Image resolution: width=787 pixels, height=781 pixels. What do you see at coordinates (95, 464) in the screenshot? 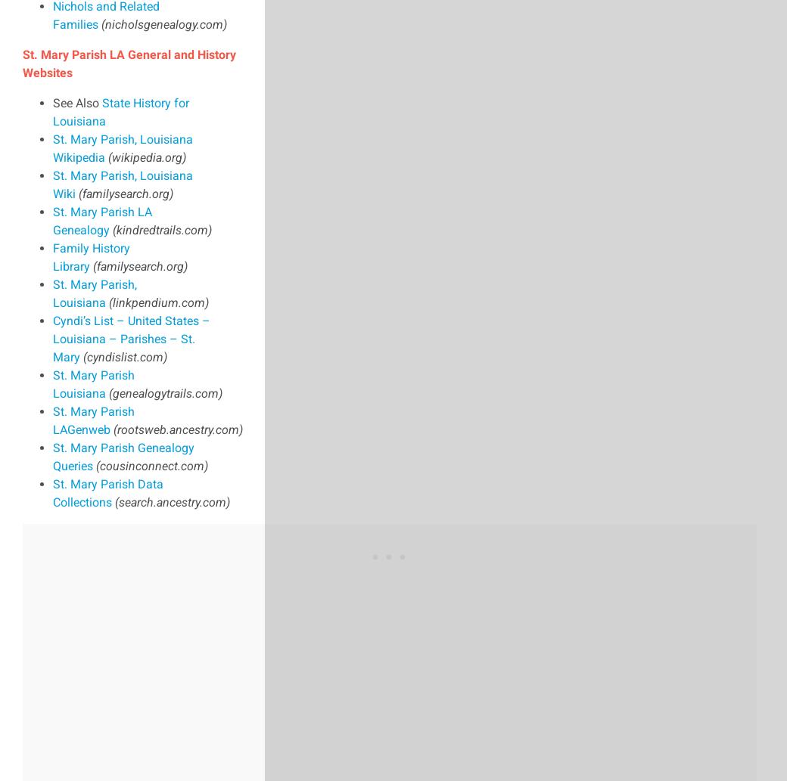
I see `'(cousinconnect.com)'` at bounding box center [95, 464].